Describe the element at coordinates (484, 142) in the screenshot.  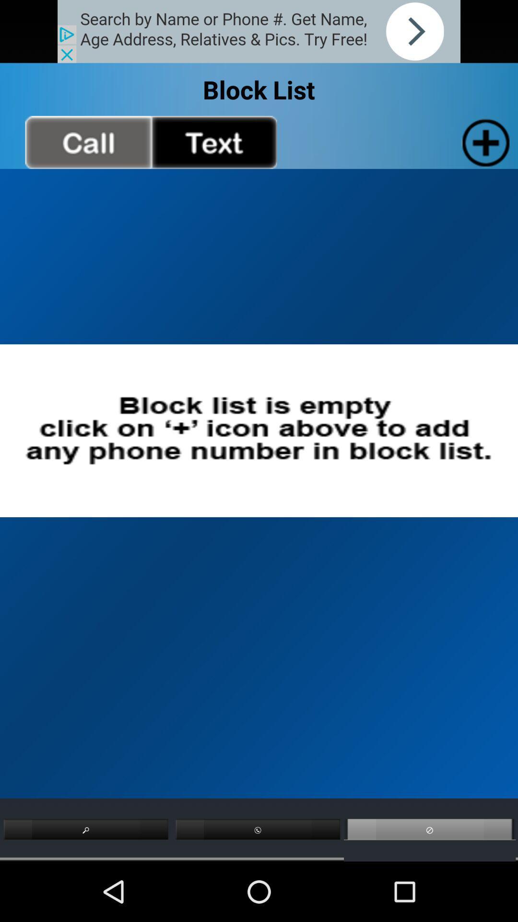
I see `item to list` at that location.